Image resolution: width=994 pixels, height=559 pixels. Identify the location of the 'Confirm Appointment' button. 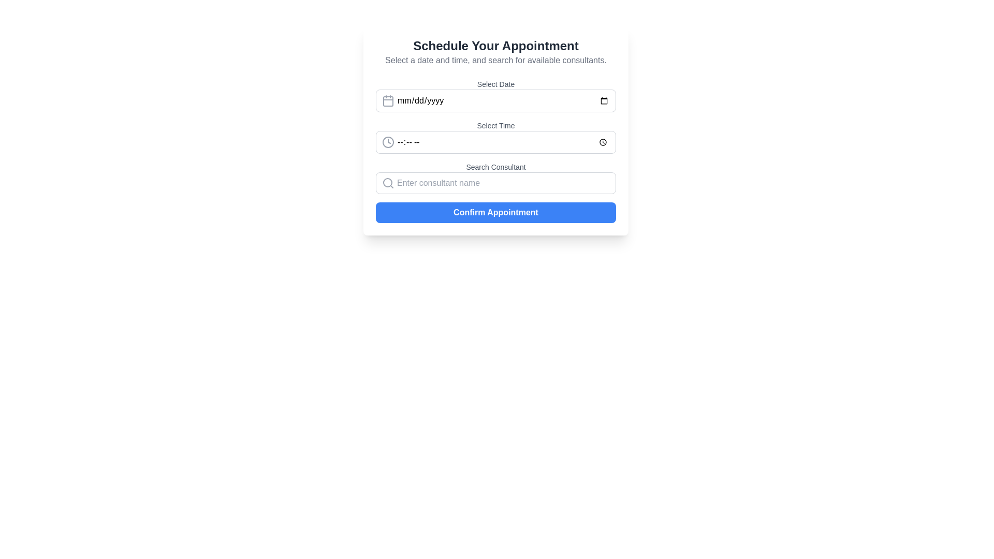
(495, 212).